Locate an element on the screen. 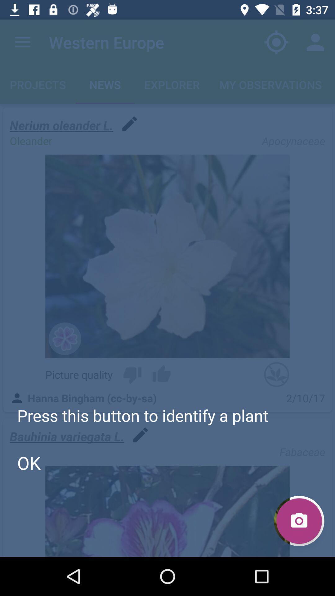  the item above the my observations is located at coordinates (315, 42).